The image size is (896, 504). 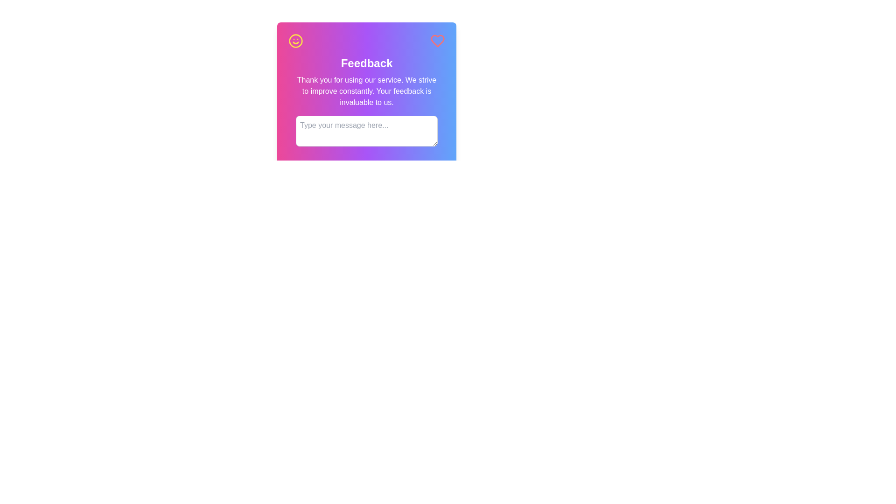 I want to click on the yellow circular outline of the smiley face icon located in the top left corner of the feedback interface, so click(x=295, y=41).